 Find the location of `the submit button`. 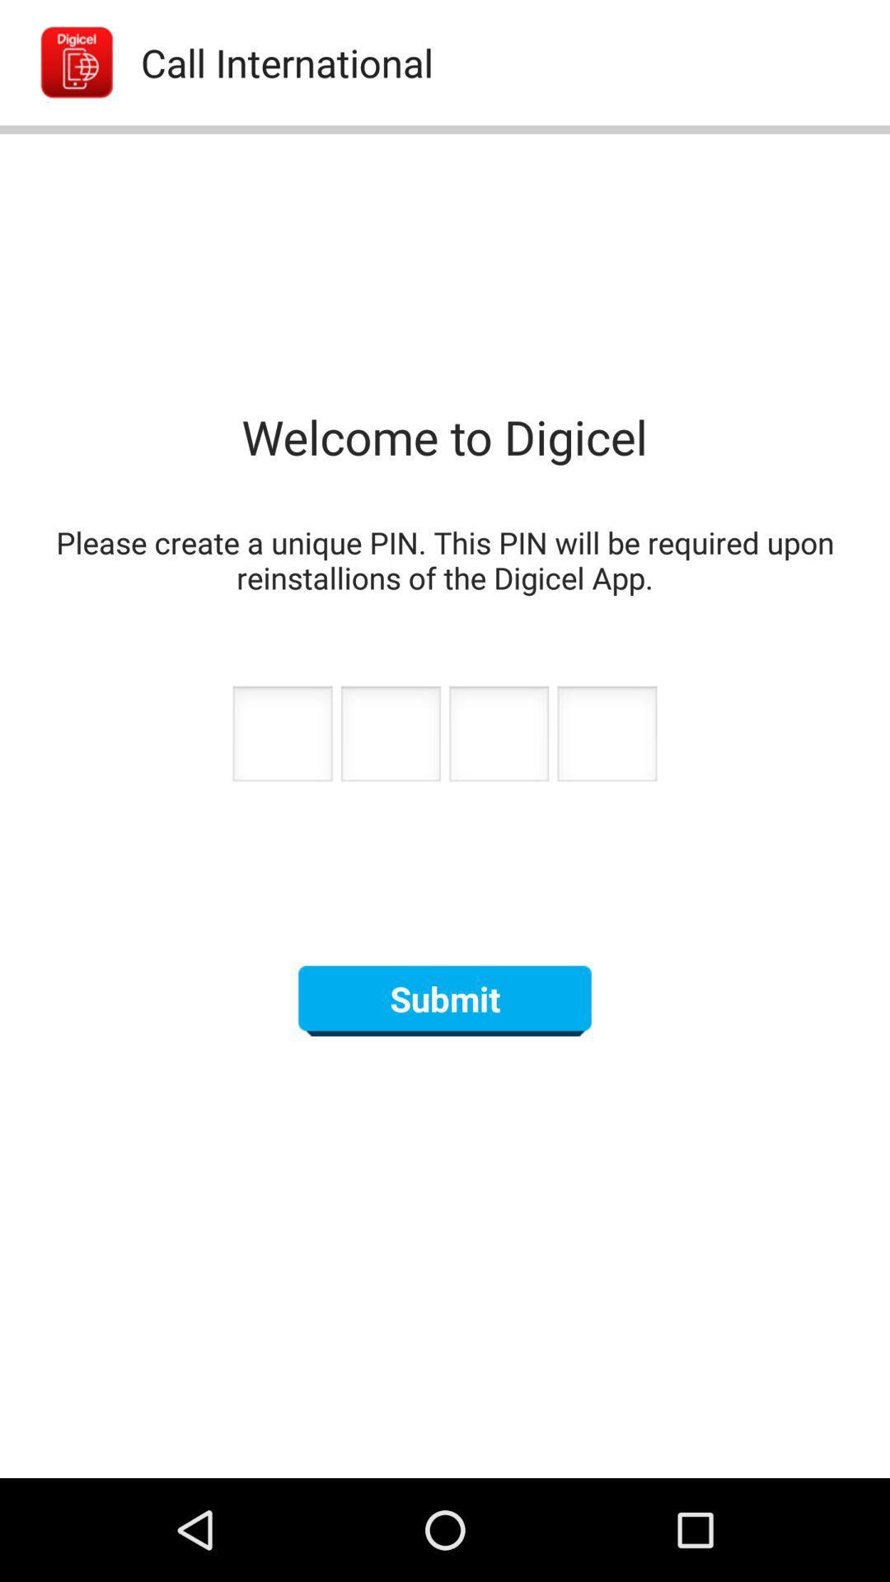

the submit button is located at coordinates (445, 999).